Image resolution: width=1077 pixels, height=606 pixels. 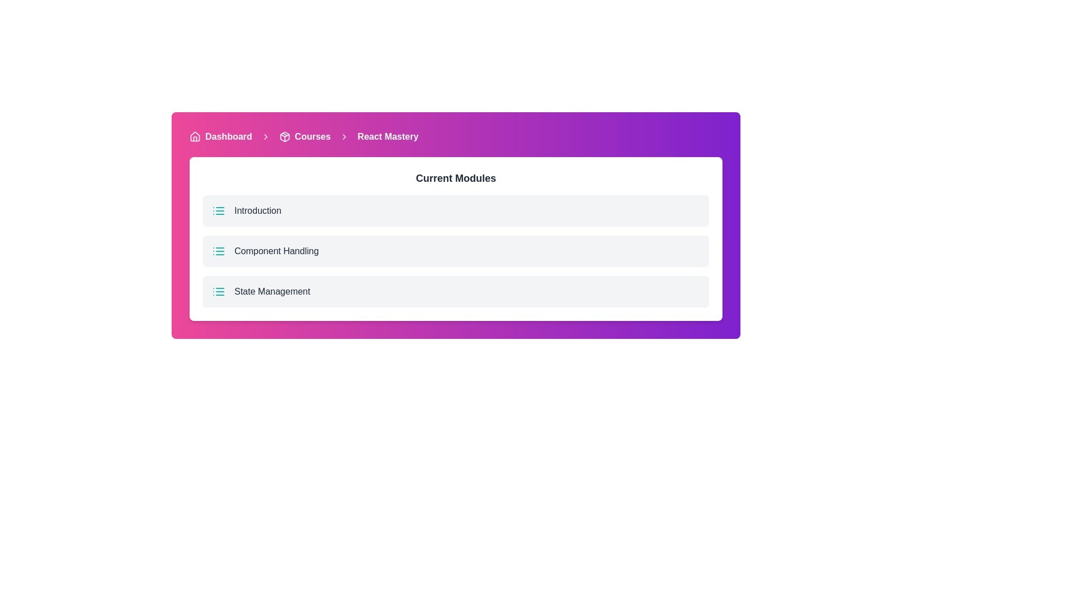 I want to click on the Breadcrumb navigation item representing 'Courses' in the header bar, so click(x=305, y=136).